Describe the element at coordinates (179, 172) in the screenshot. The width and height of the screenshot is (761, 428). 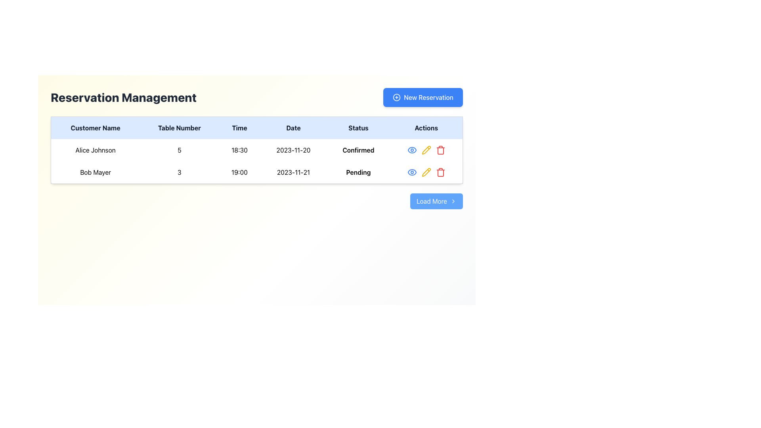
I see `the static text displaying the table number for the reservation assigned to 'Bob Mayer', located in the second data cell under the 'Table Number' column` at that location.